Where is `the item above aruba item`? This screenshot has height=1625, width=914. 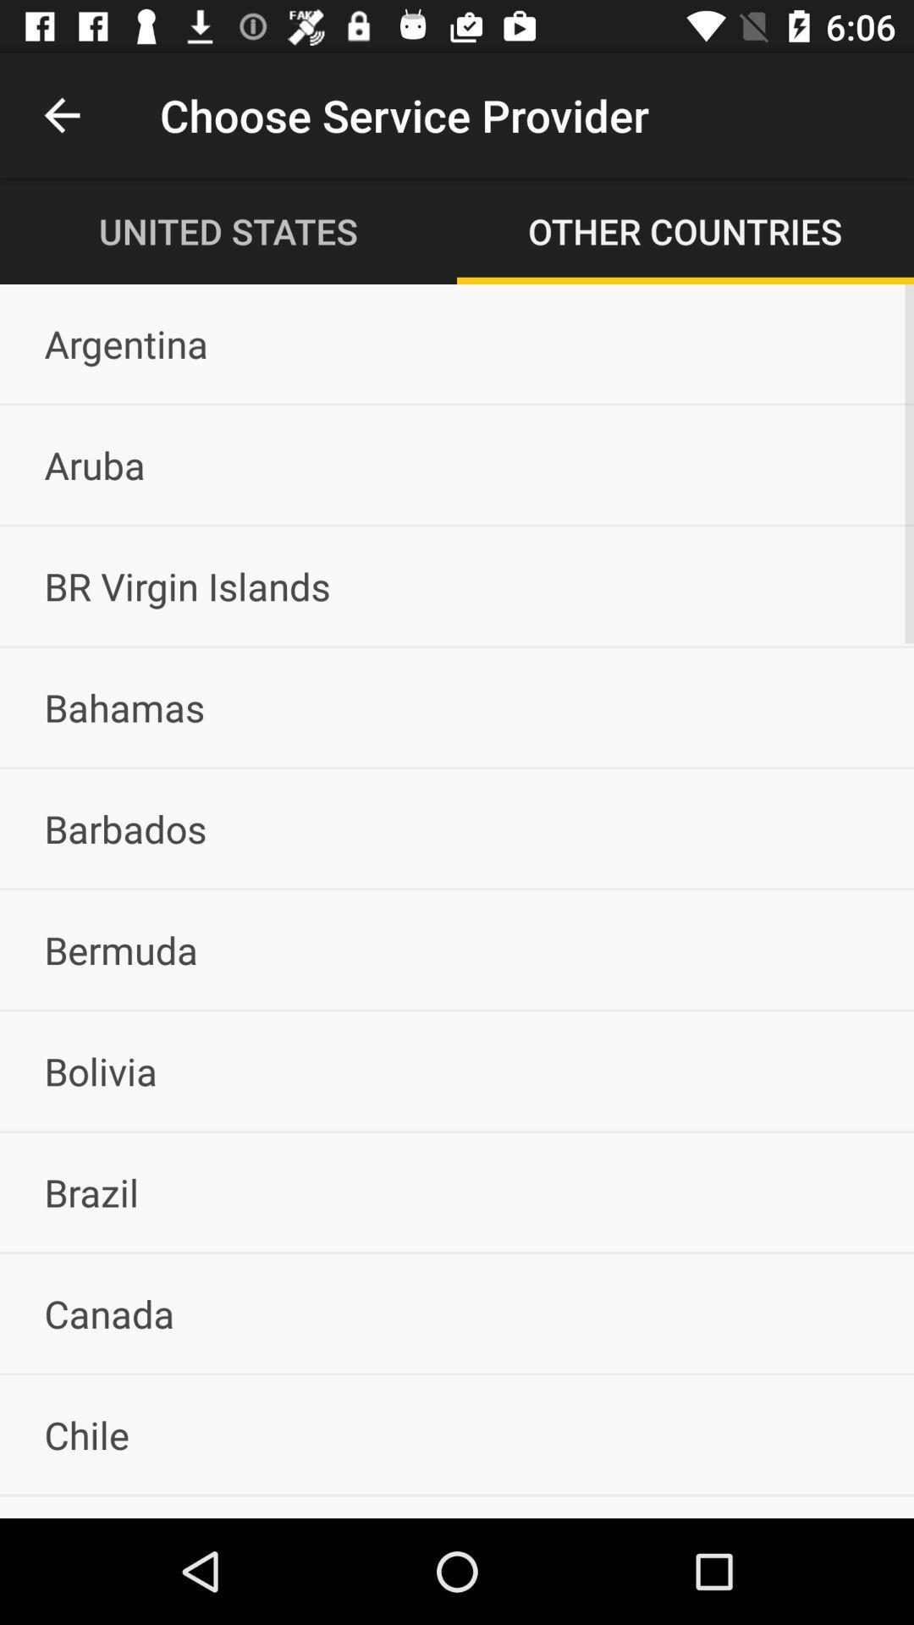 the item above aruba item is located at coordinates (457, 343).